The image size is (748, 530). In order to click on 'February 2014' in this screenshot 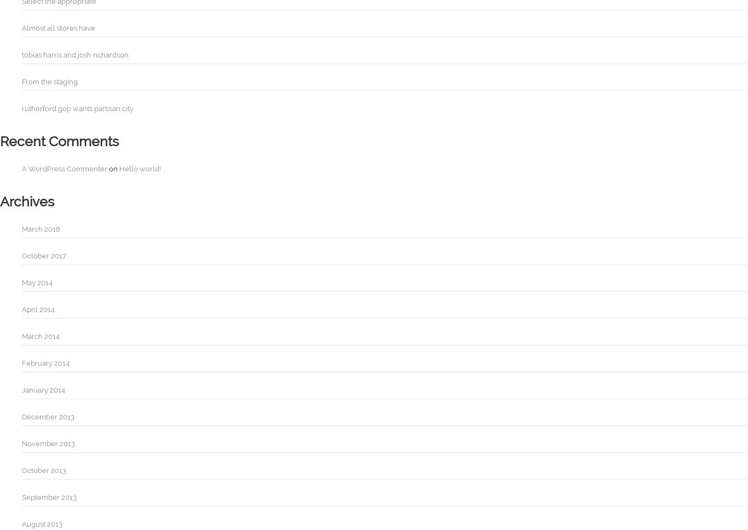, I will do `click(45, 363)`.